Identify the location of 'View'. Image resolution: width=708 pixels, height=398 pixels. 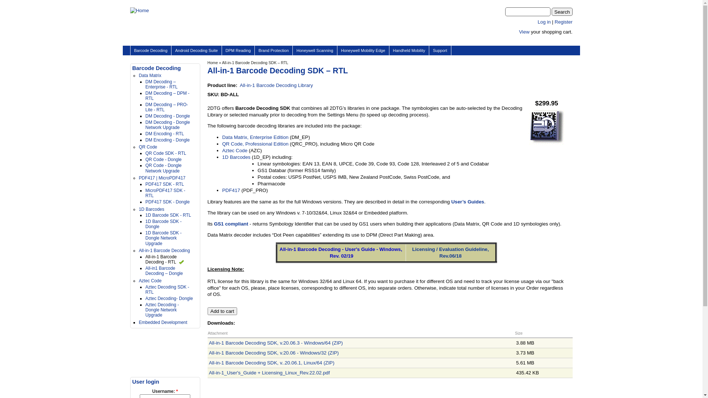
(524, 31).